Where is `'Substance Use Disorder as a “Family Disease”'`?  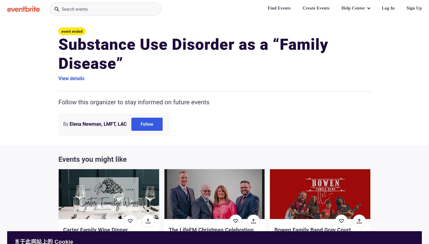
'Substance Use Disorder as a “Family Disease”' is located at coordinates (193, 54).